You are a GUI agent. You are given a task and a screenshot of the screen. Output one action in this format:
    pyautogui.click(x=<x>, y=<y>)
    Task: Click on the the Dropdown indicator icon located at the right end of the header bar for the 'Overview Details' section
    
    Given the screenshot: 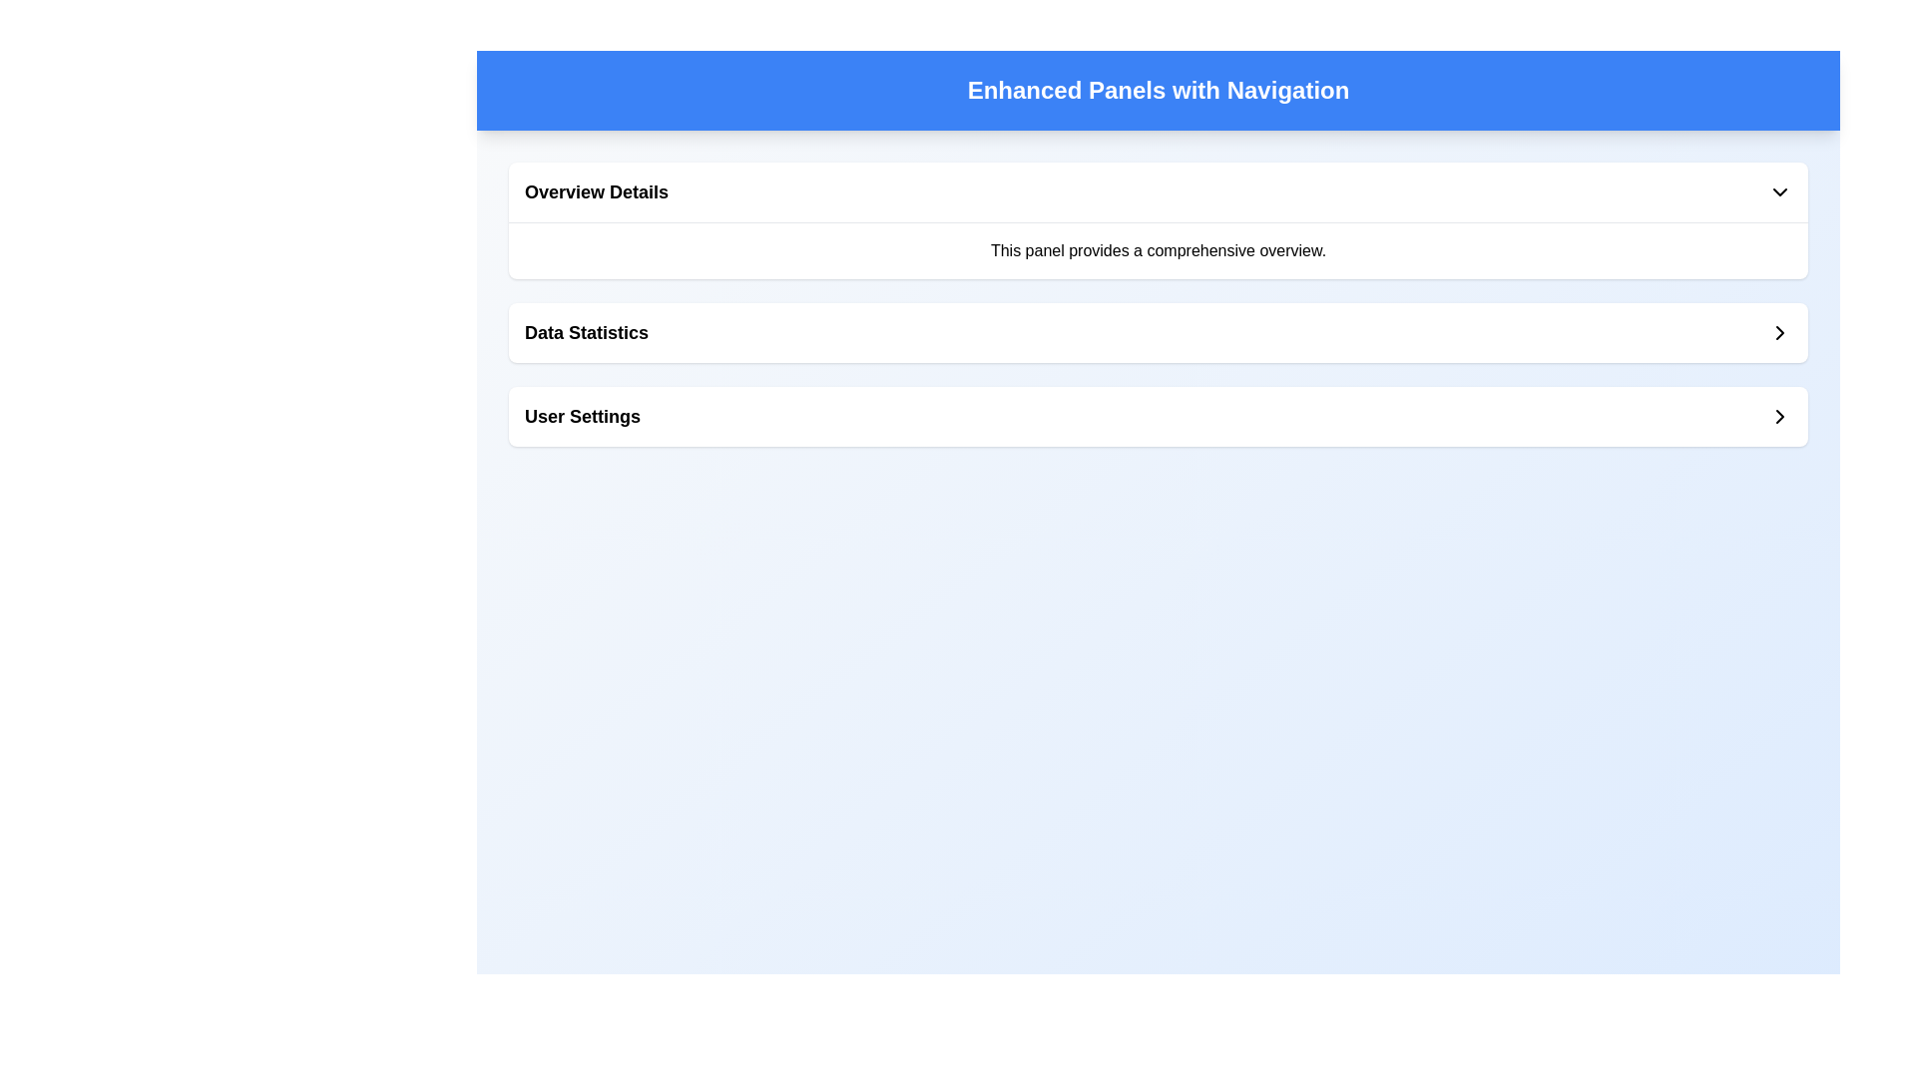 What is the action you would take?
    pyautogui.click(x=1780, y=191)
    